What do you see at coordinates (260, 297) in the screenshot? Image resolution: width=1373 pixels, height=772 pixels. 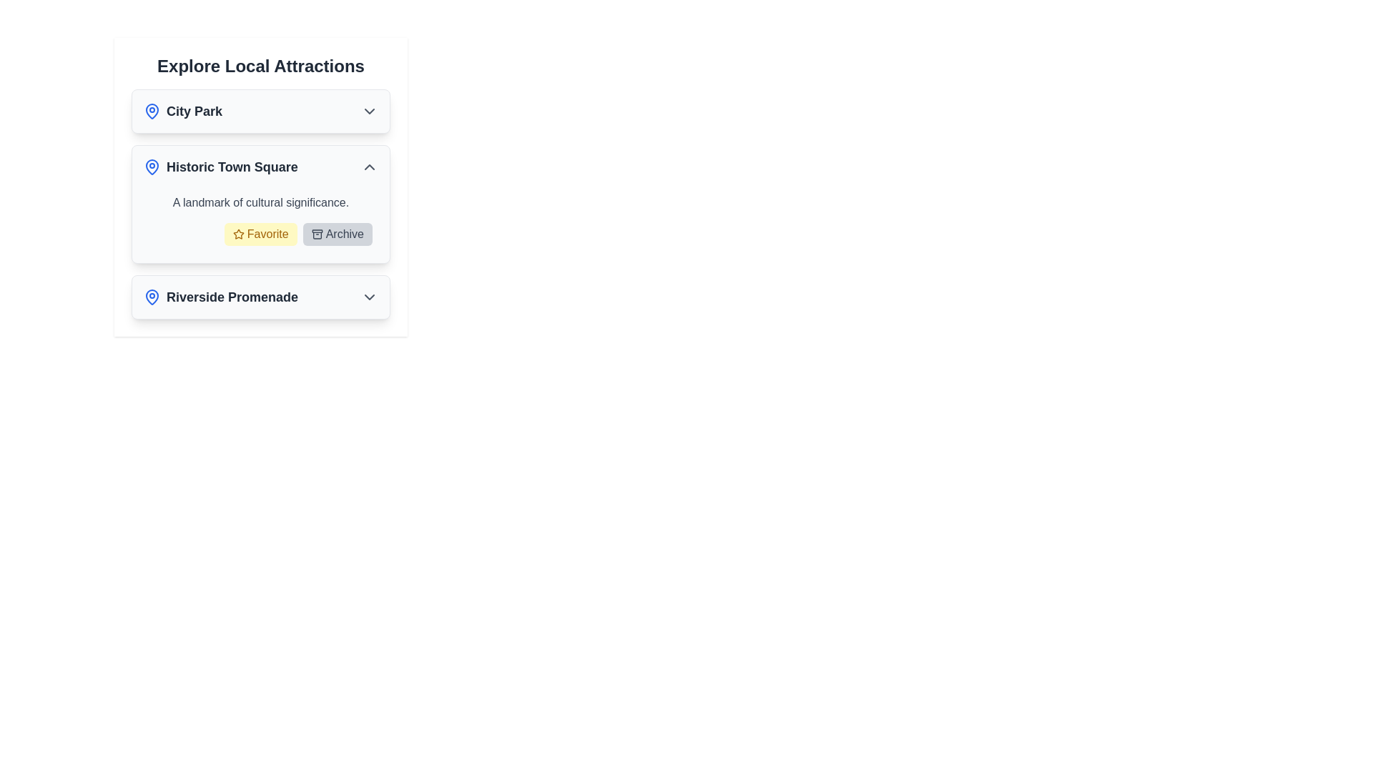 I see `the 'Riverside Promenade' button or list item, which is the third item in the list under 'Explore Local Attractions', featuring a blue map pin icon and a Chevron-down icon` at bounding box center [260, 297].